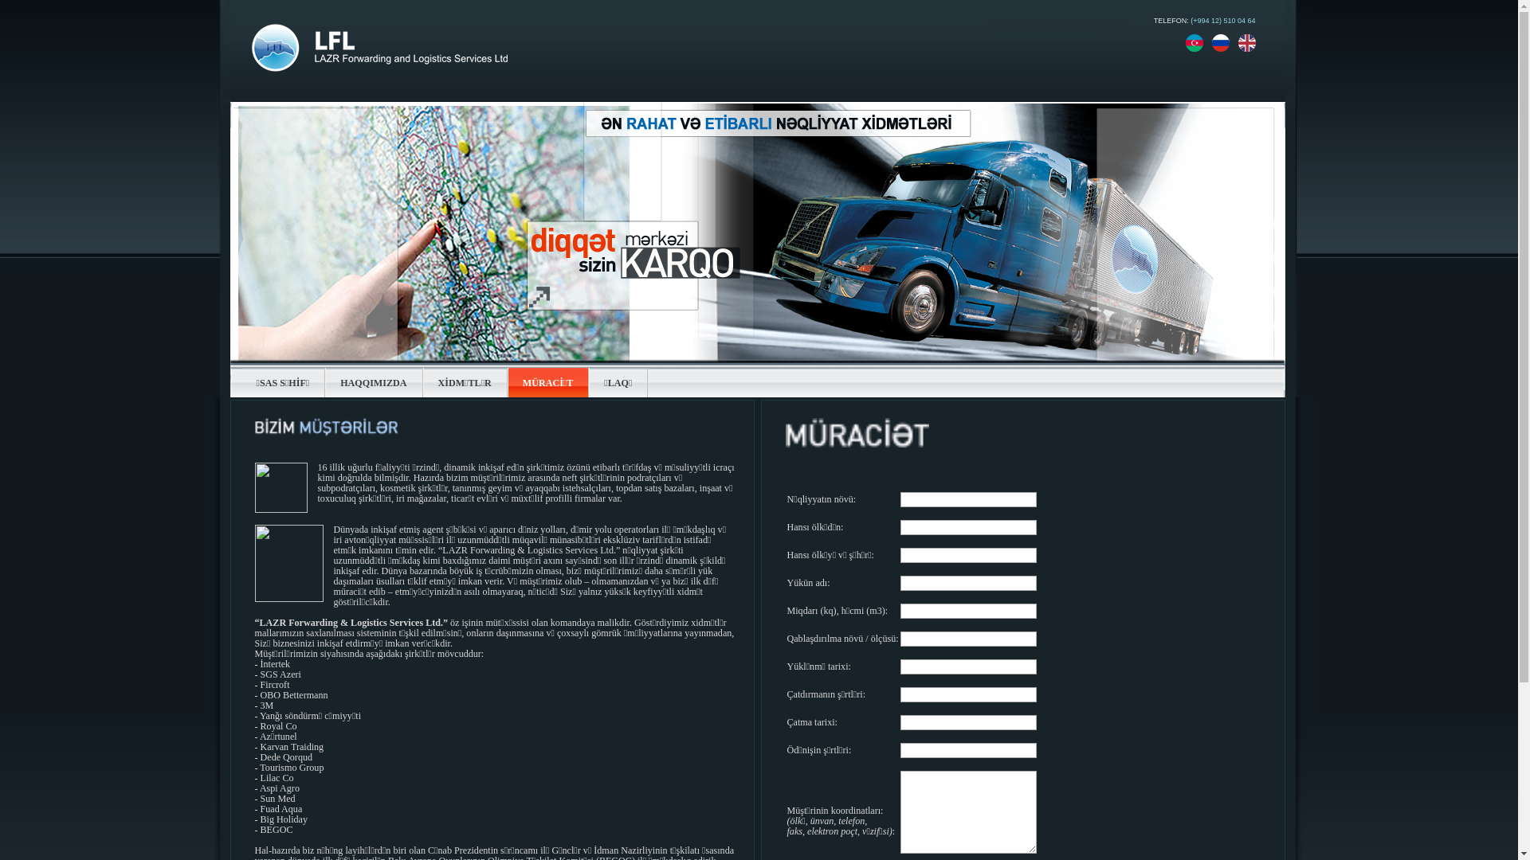  What do you see at coordinates (373, 382) in the screenshot?
I see `'HAQQIMIZDA'` at bounding box center [373, 382].